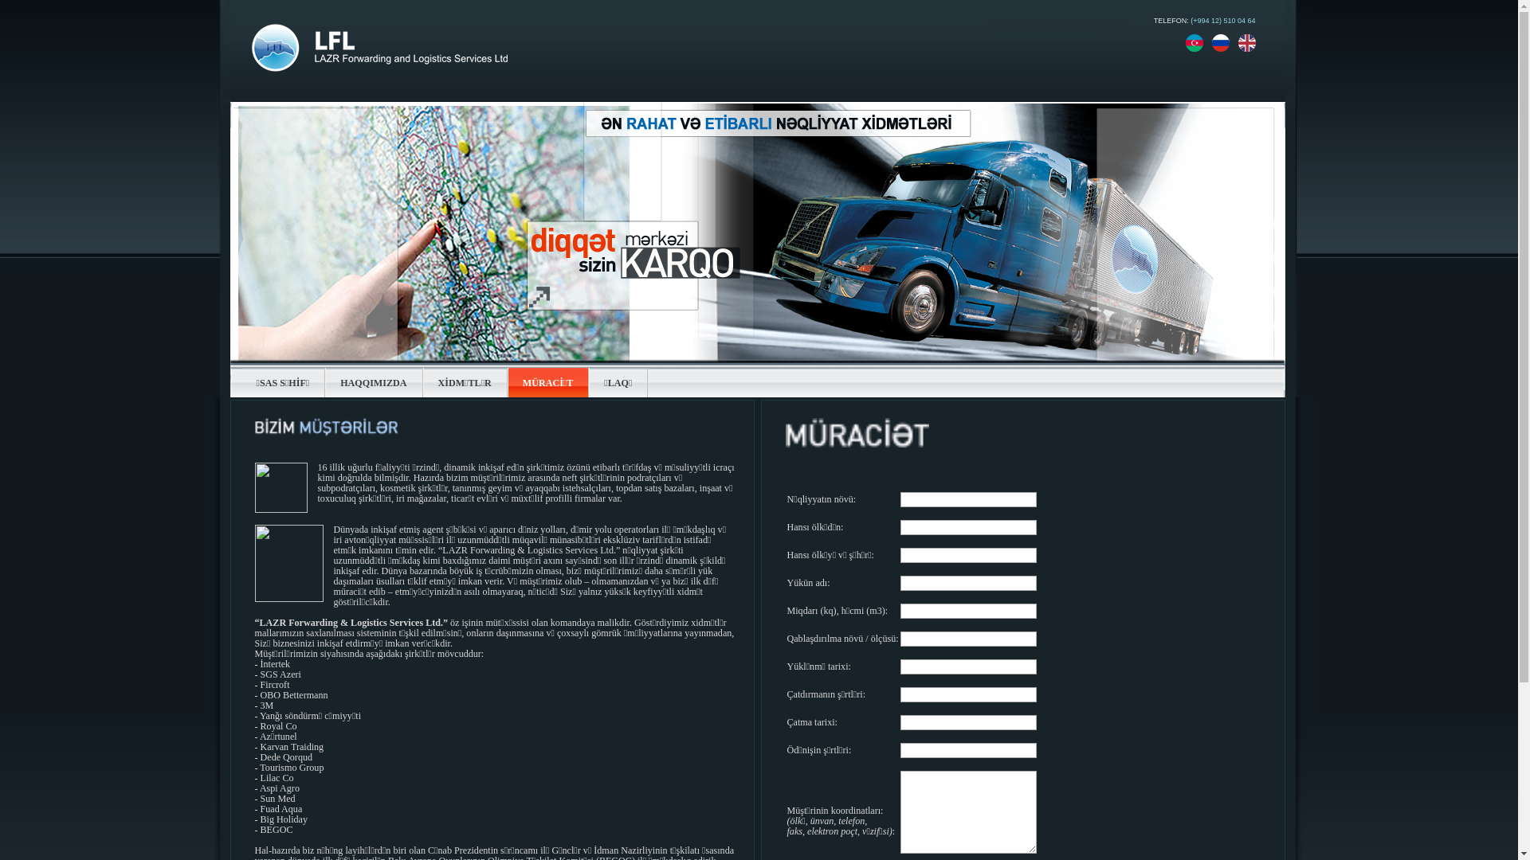  What do you see at coordinates (373, 382) in the screenshot?
I see `'HAQQIMIZDA'` at bounding box center [373, 382].